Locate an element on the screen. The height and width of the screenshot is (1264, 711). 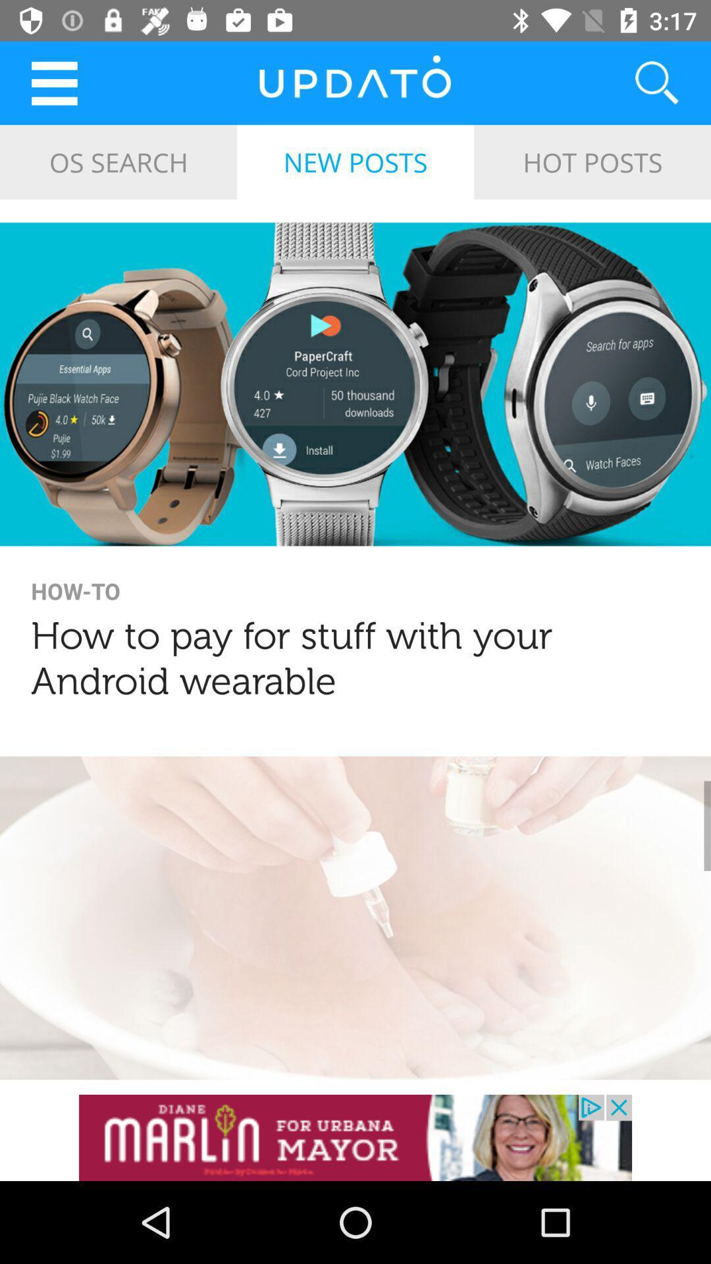
the menu icon is located at coordinates (53, 82).